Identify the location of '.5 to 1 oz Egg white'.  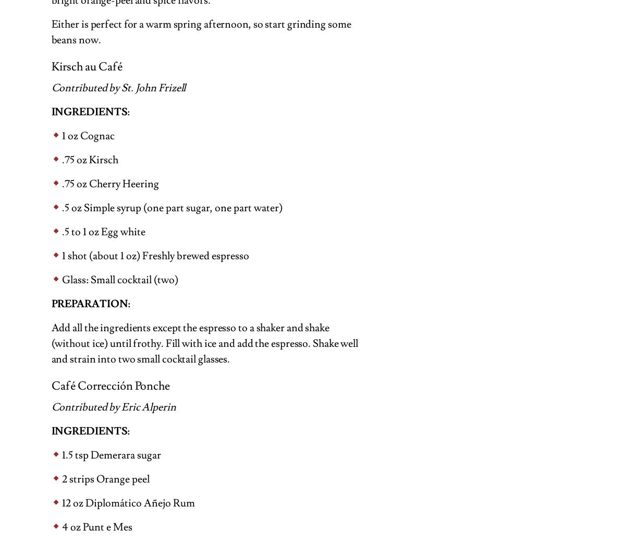
(103, 231).